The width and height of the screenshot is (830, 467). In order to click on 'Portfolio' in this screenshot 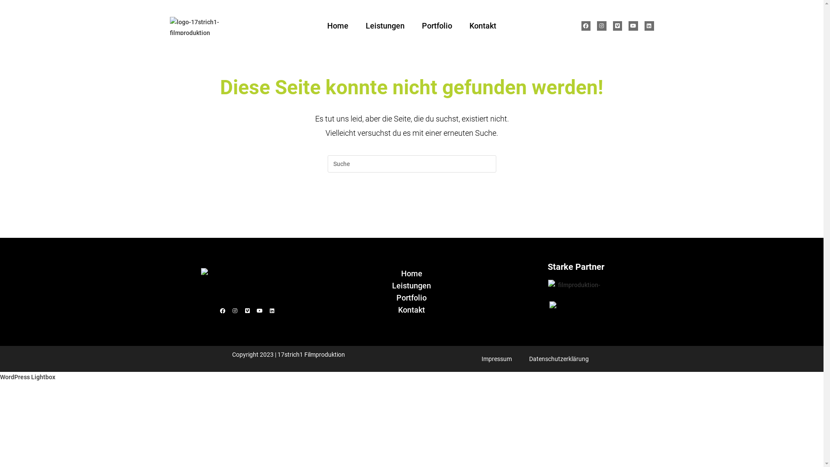, I will do `click(437, 26)`.